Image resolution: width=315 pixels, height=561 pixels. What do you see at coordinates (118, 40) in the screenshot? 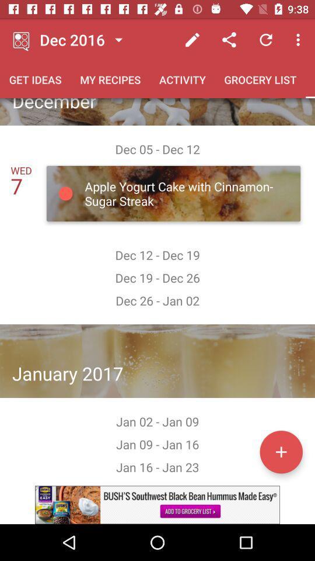
I see `dropdown right to dec 2016` at bounding box center [118, 40].